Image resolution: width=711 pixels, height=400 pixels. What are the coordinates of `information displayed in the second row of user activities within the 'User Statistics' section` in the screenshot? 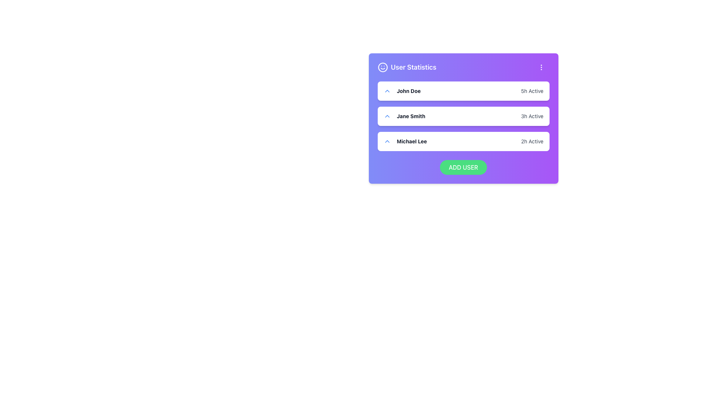 It's located at (463, 116).